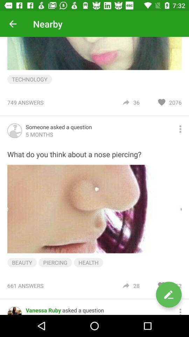 The height and width of the screenshot is (337, 189). What do you see at coordinates (180, 310) in the screenshot?
I see `more option` at bounding box center [180, 310].